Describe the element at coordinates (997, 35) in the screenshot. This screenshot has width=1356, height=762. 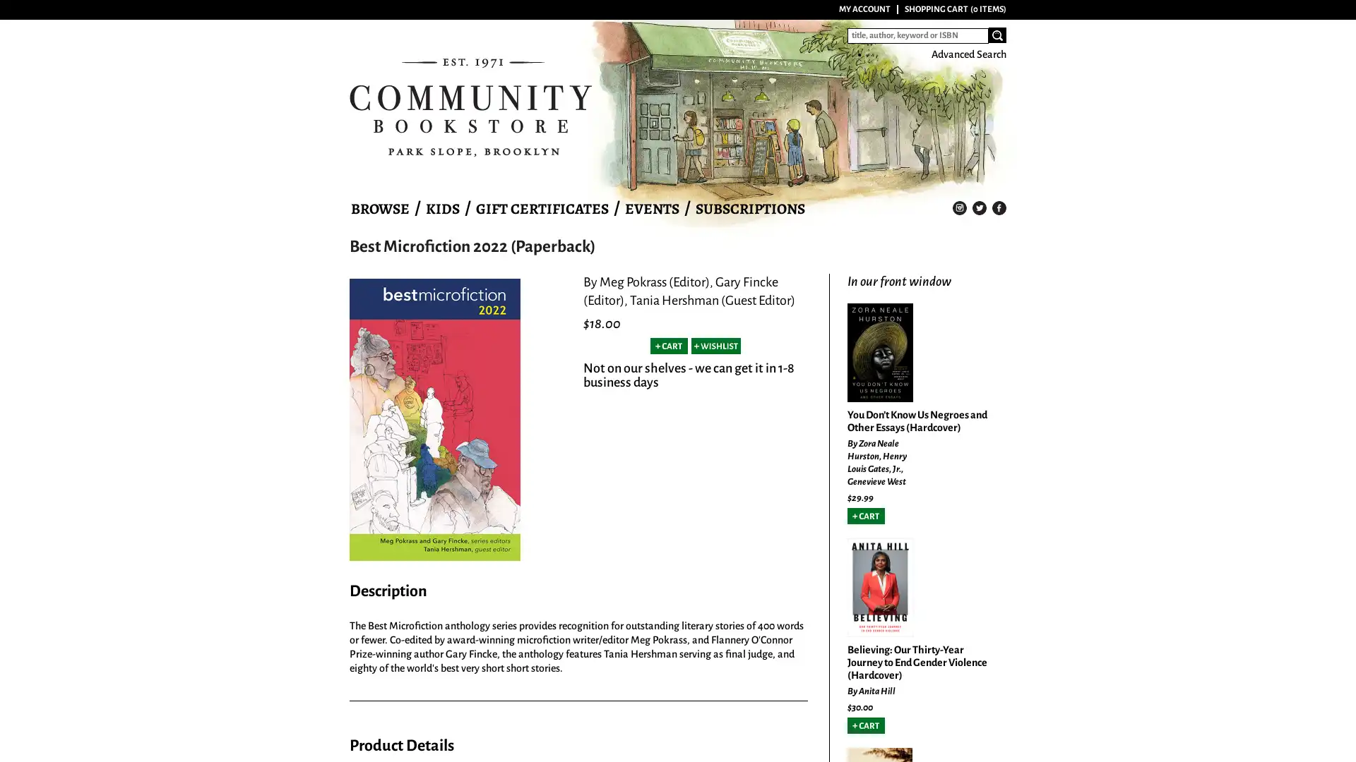
I see `Search` at that location.